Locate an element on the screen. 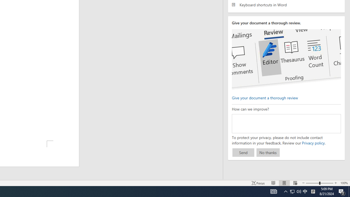 The image size is (350, 197). 'Web Layout' is located at coordinates (295, 183).